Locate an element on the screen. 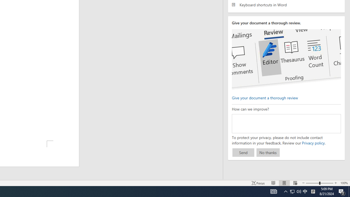 The image size is (350, 197). 'Web Layout' is located at coordinates (295, 183).